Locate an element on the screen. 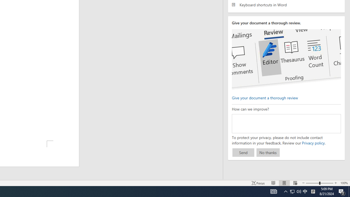 The image size is (350, 197). 'Web Layout' is located at coordinates (295, 183).